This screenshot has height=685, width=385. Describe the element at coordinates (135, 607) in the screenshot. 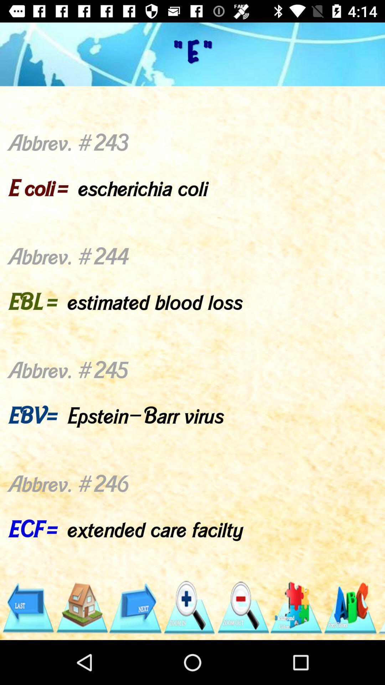

I see `go forward` at that location.